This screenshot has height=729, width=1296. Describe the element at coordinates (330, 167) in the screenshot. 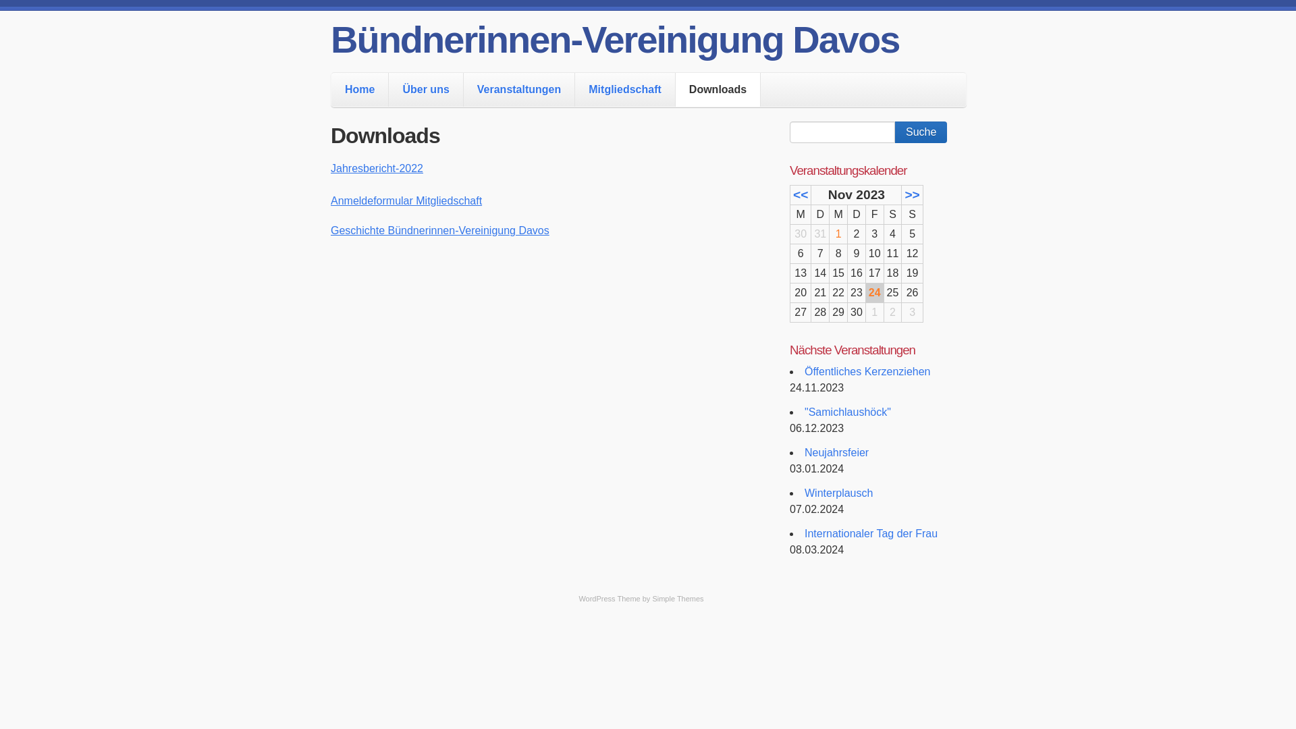

I see `'Jahresbericht-2022'` at that location.